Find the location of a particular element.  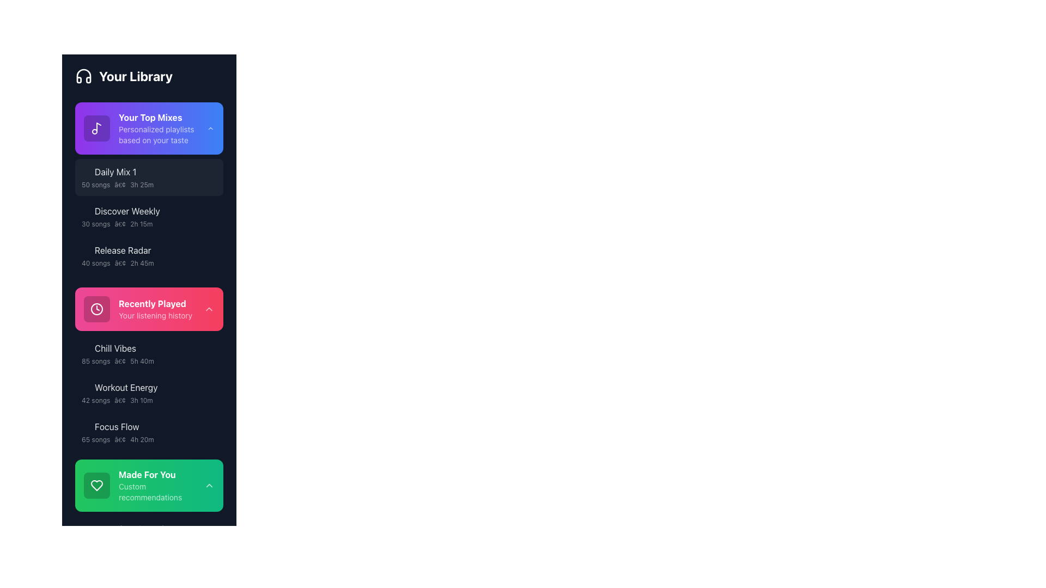

metadata text label located beneath the 'Discover Weekly' header, which describes the associated playlist including the number of songs and total duration is located at coordinates (143, 224).